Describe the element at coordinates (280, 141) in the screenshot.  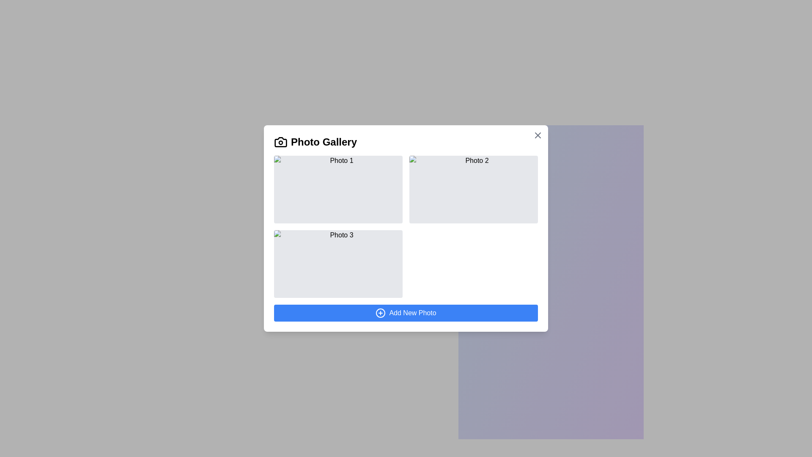
I see `the camera icon located in the upper-left corner of the 'Photo Gallery' modal window, which symbolizes photography` at that location.